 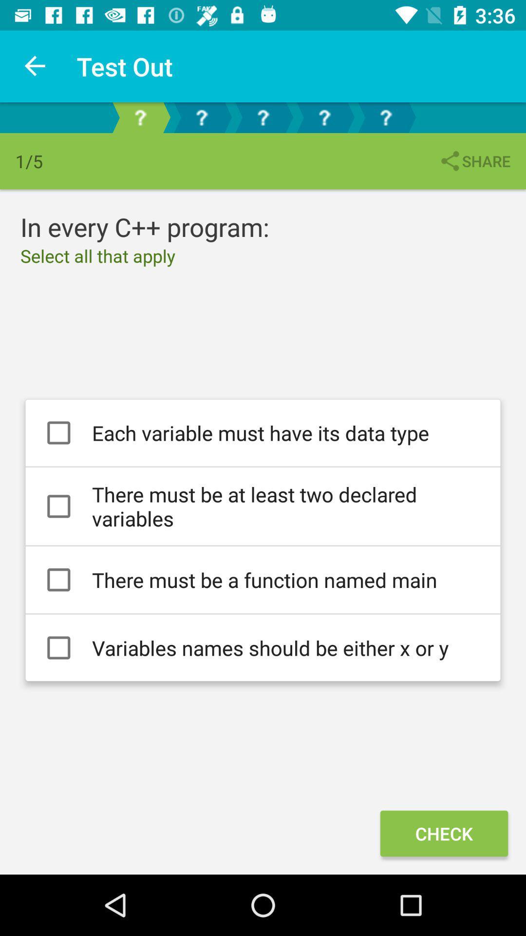 What do you see at coordinates (444, 833) in the screenshot?
I see `icon below variables names should` at bounding box center [444, 833].